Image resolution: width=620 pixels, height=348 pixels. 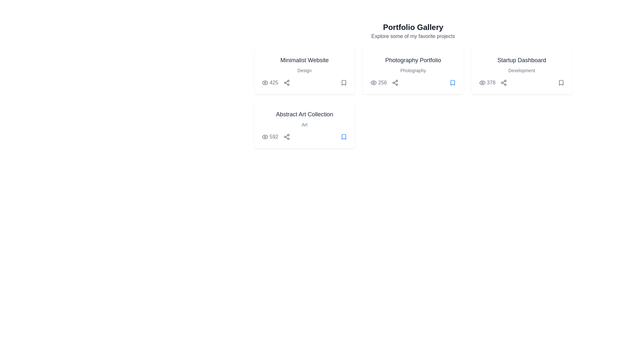 What do you see at coordinates (522, 60) in the screenshot?
I see `text label that serves as the title for the card, which is part of the Startup Dashboard interface, positioned at the top of the card` at bounding box center [522, 60].